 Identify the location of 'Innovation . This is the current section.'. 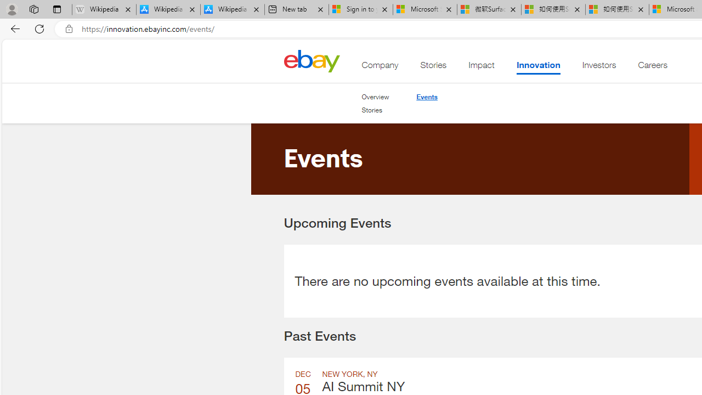
(538, 67).